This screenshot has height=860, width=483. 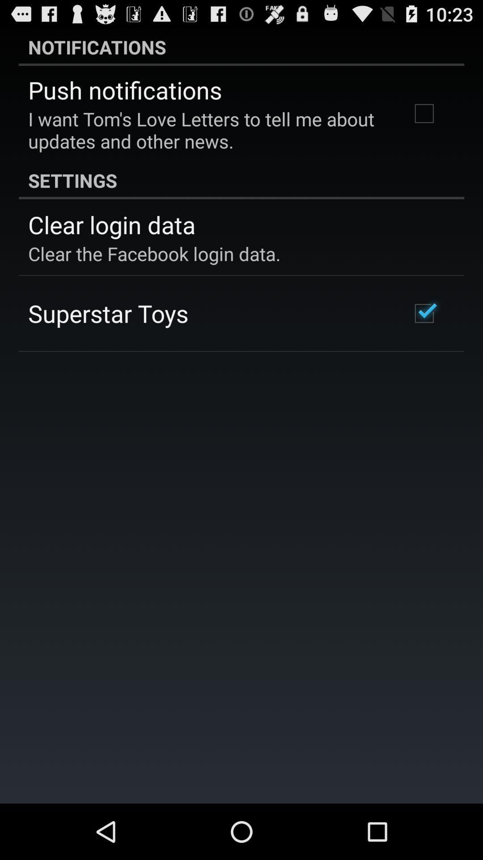 I want to click on the settings app, so click(x=241, y=180).